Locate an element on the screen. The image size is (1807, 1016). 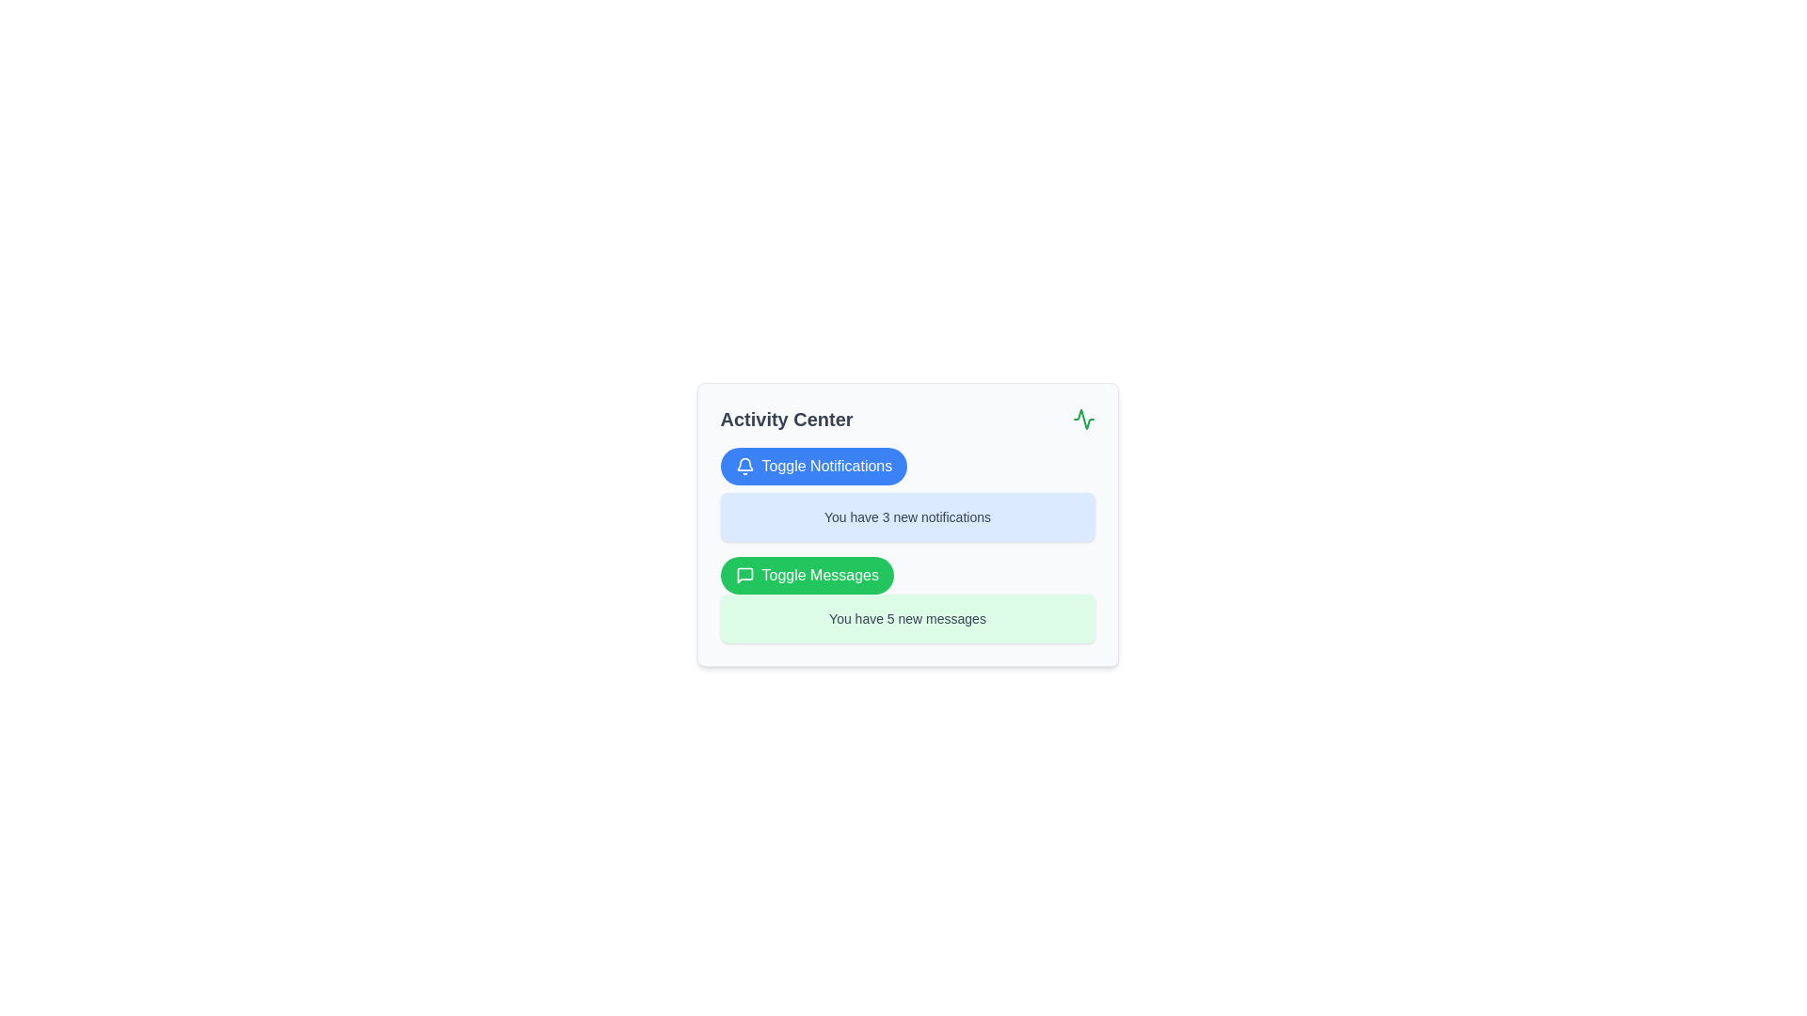
the bell icon indicative of the notification feature, which is part of the 'Toggle Notifications' button located in the top-left quadrant of the interface is located at coordinates (744, 466).